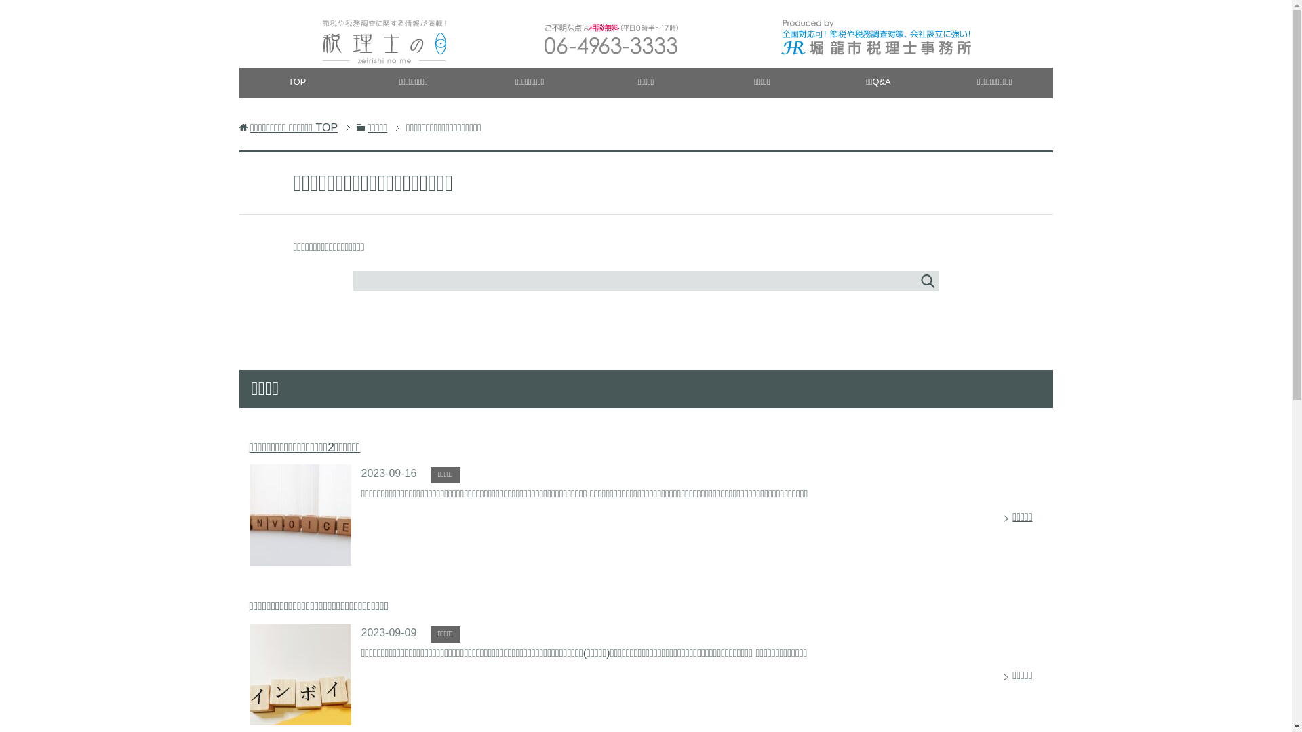 The image size is (1302, 732). What do you see at coordinates (296, 83) in the screenshot?
I see `'TOP'` at bounding box center [296, 83].